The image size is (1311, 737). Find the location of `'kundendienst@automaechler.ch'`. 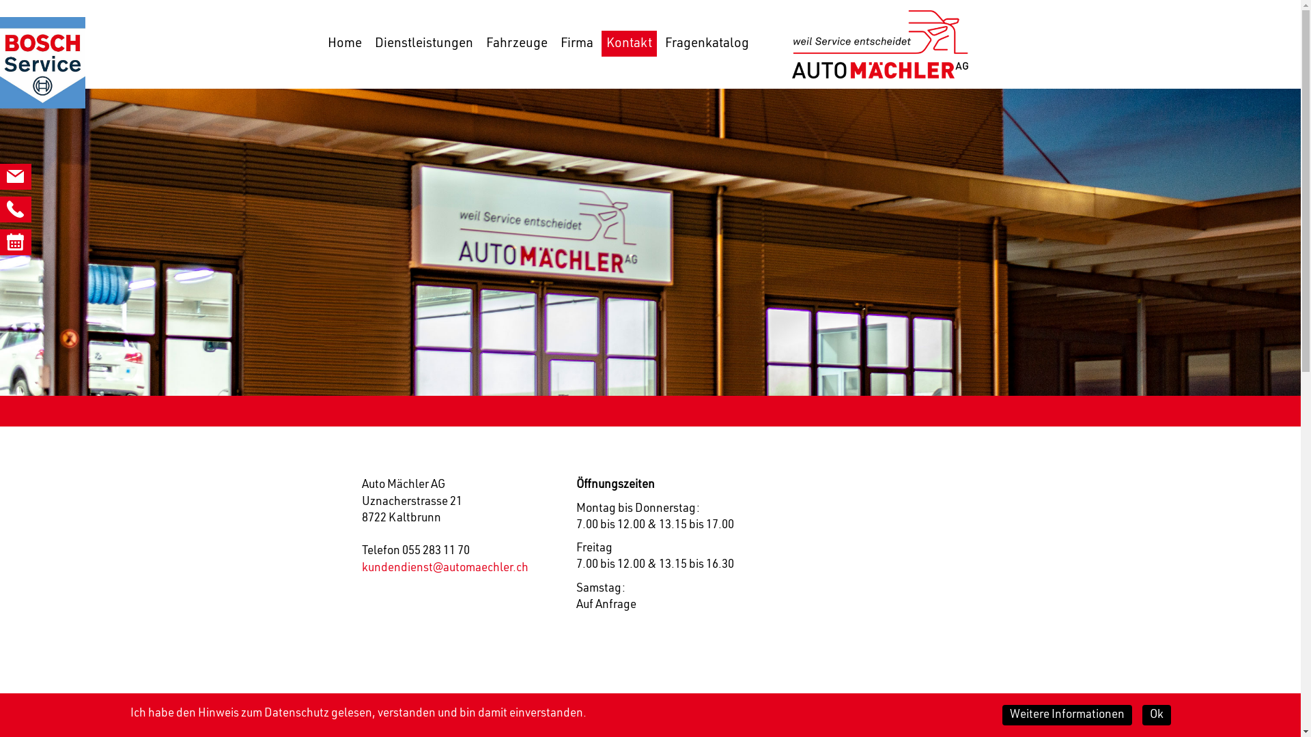

'kundendienst@automaechler.ch' is located at coordinates (361, 568).